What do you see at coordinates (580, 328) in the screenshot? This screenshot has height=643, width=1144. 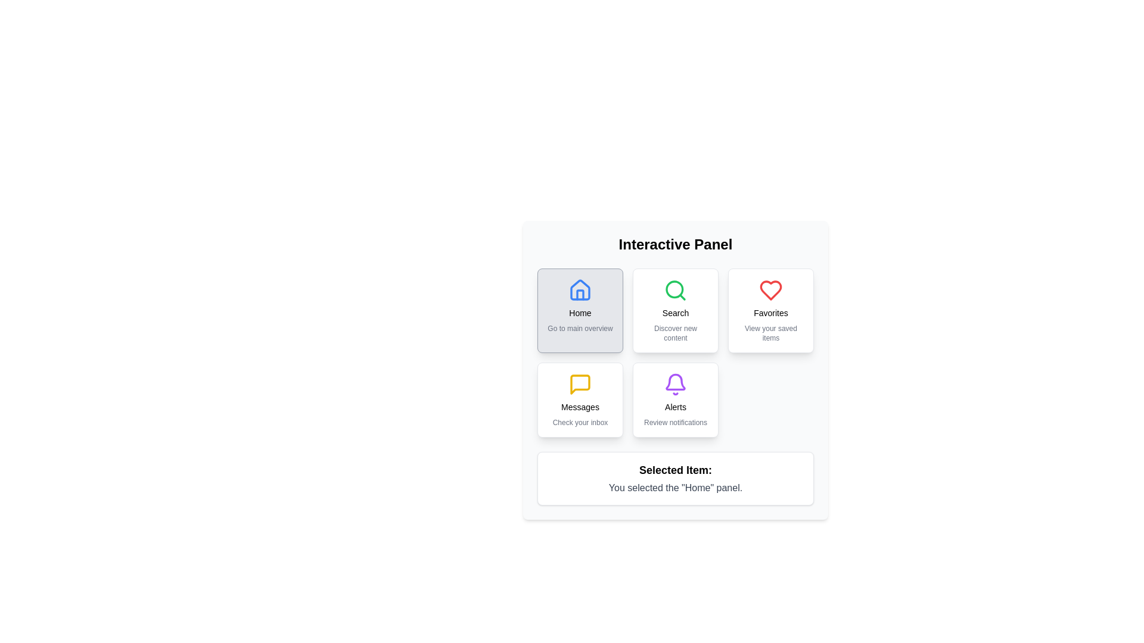 I see `contextual guidance text located at the bottom of the 'Home' card, which provides additional information about its main action or purpose` at bounding box center [580, 328].